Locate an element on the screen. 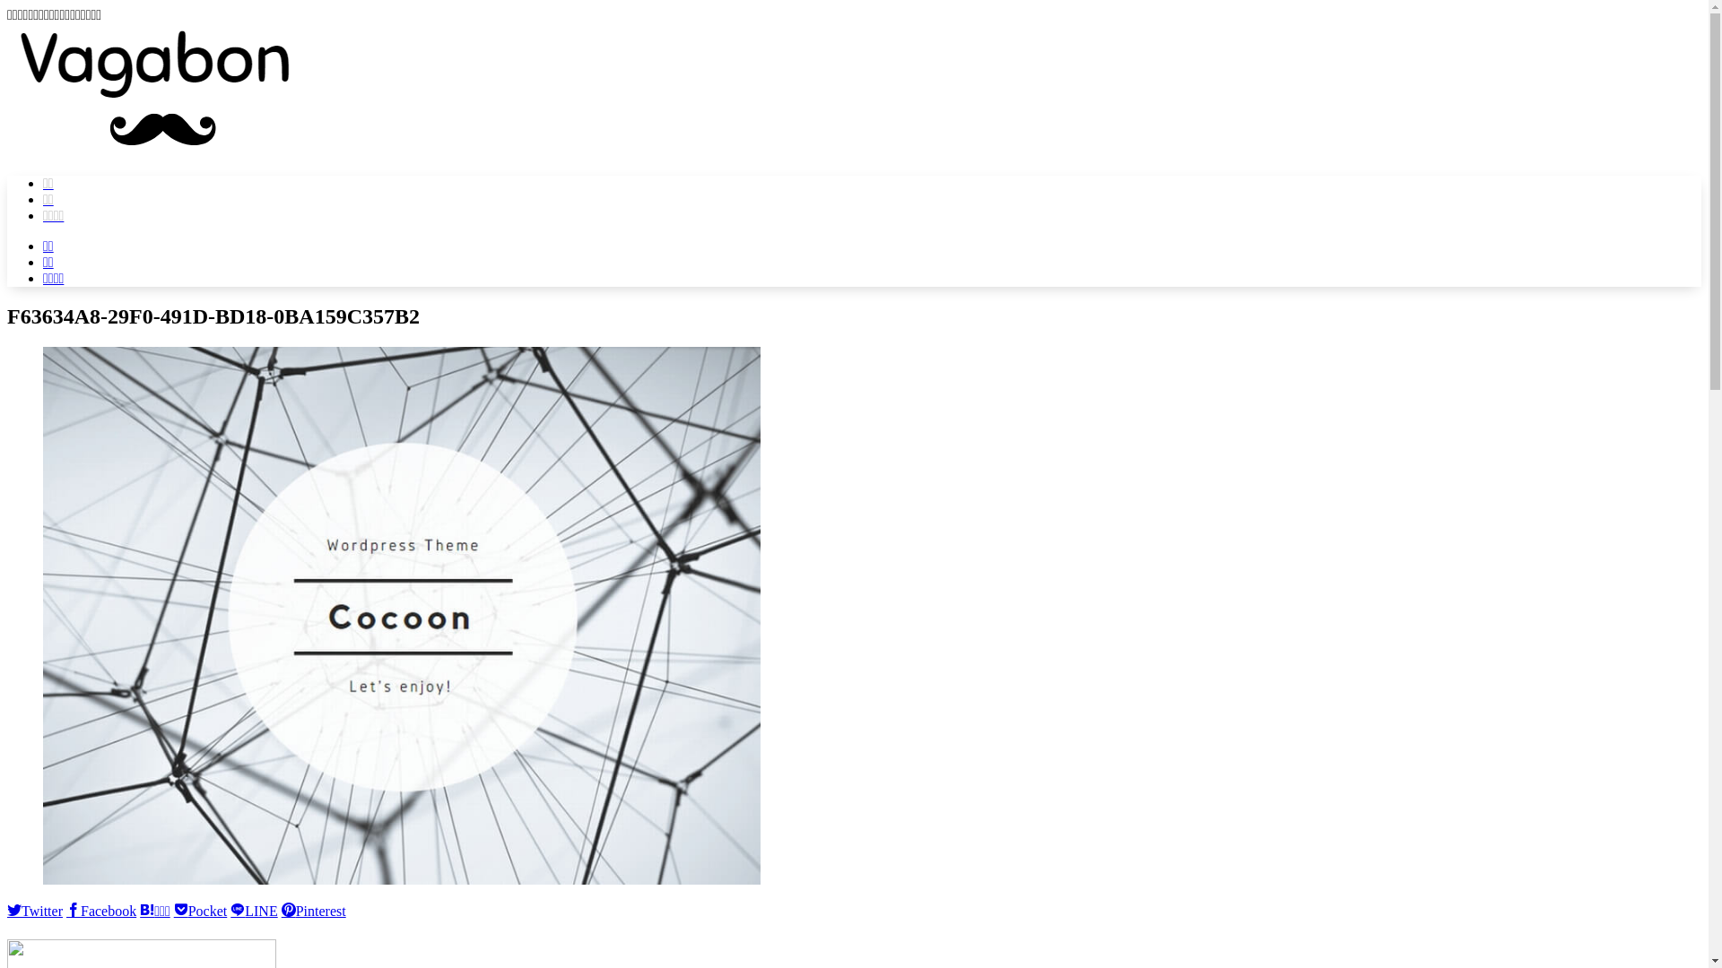 The image size is (1722, 968). 'Facebook' is located at coordinates (100, 911).